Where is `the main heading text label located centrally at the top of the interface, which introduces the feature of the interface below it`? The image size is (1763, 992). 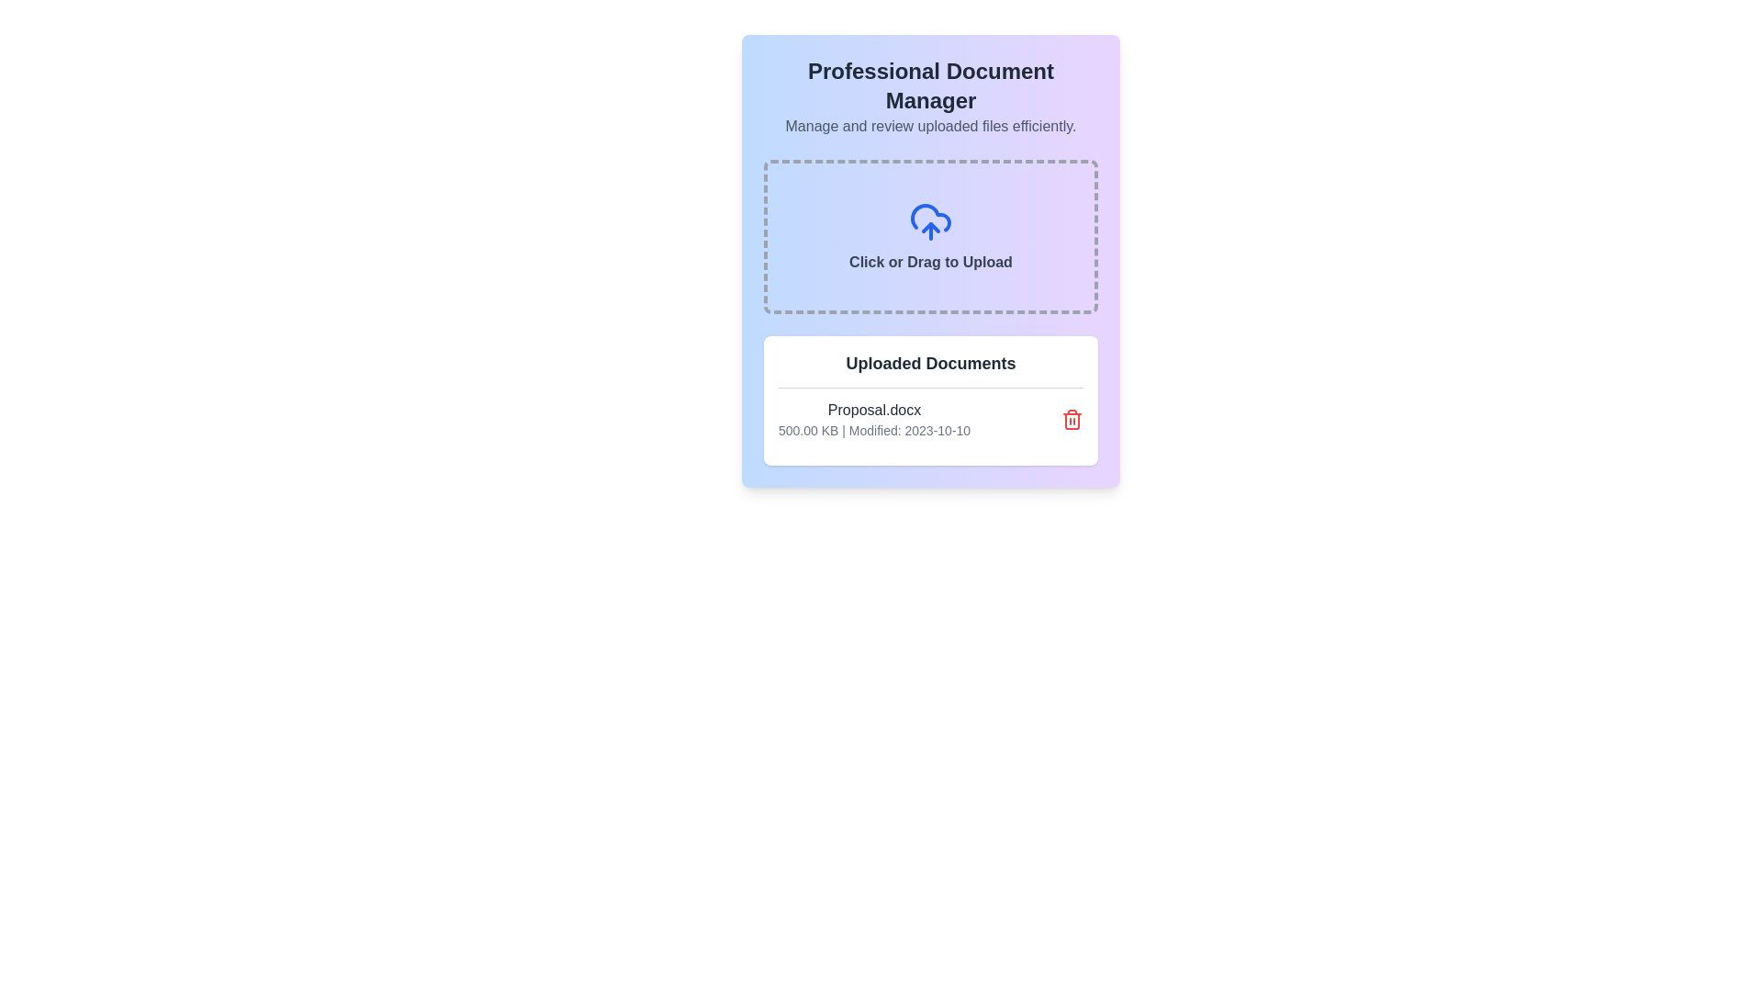 the main heading text label located centrally at the top of the interface, which introduces the feature of the interface below it is located at coordinates (930, 85).